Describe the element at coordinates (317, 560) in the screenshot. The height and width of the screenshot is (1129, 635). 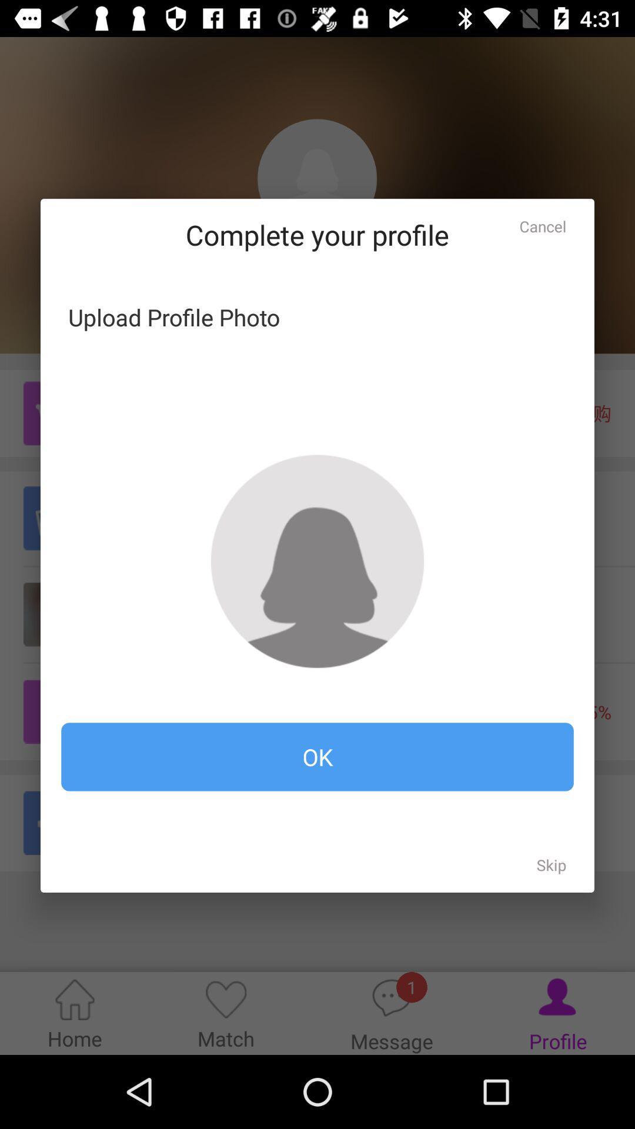
I see `the icon below upload profile photo` at that location.